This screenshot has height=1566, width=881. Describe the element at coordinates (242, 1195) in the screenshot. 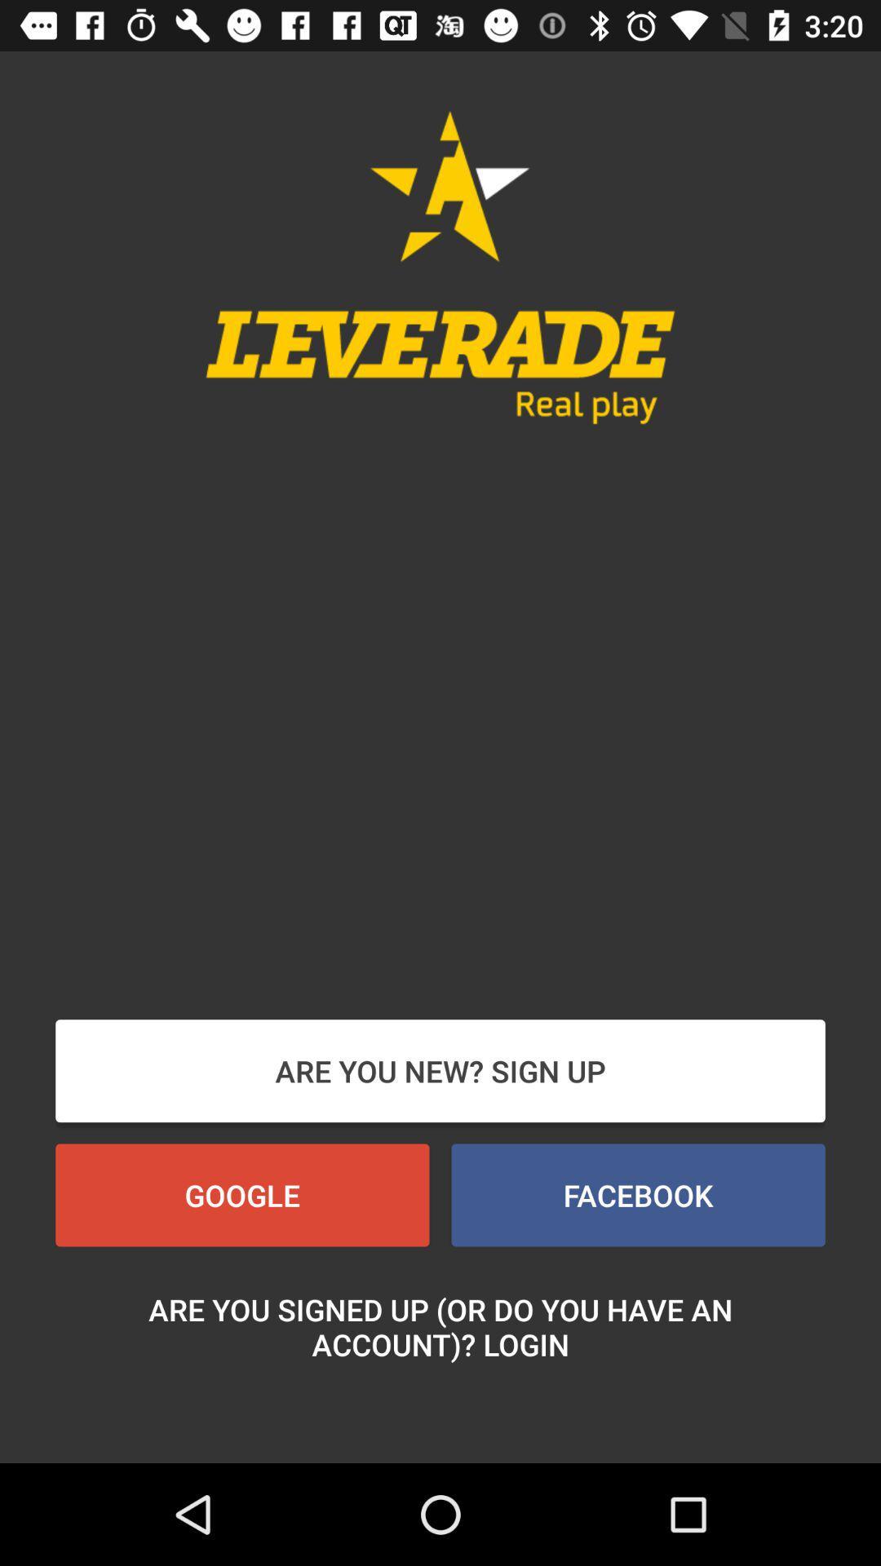

I see `the button above are you signed icon` at that location.